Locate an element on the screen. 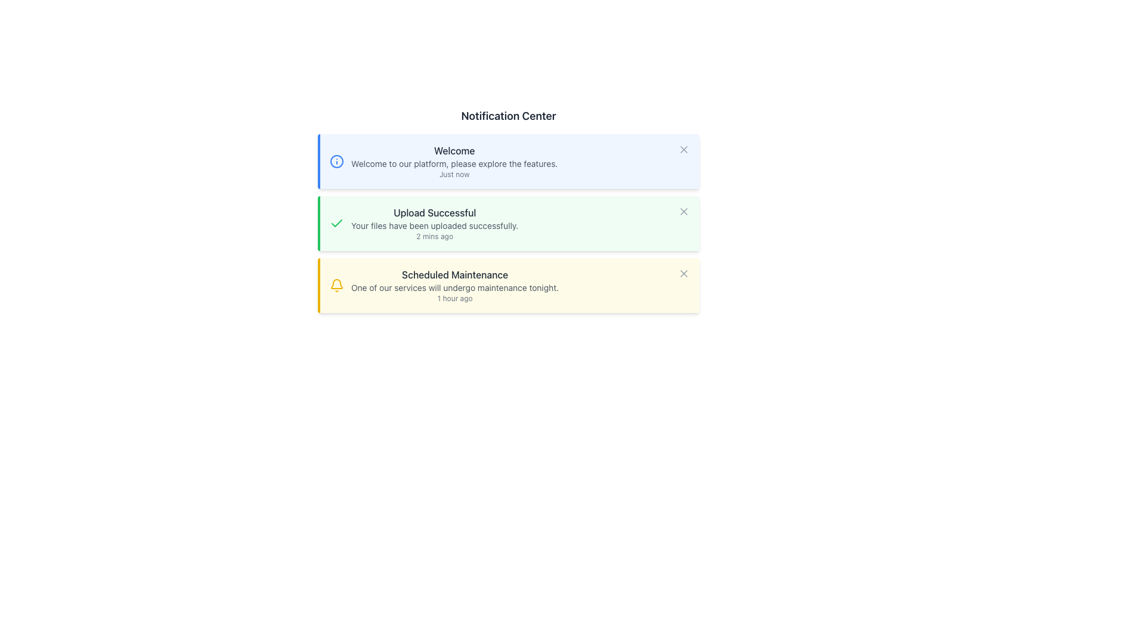  the text label indicating the time elapsed since the notification titled 'Scheduled Maintenance', which is positioned below the notification description is located at coordinates (454, 298).